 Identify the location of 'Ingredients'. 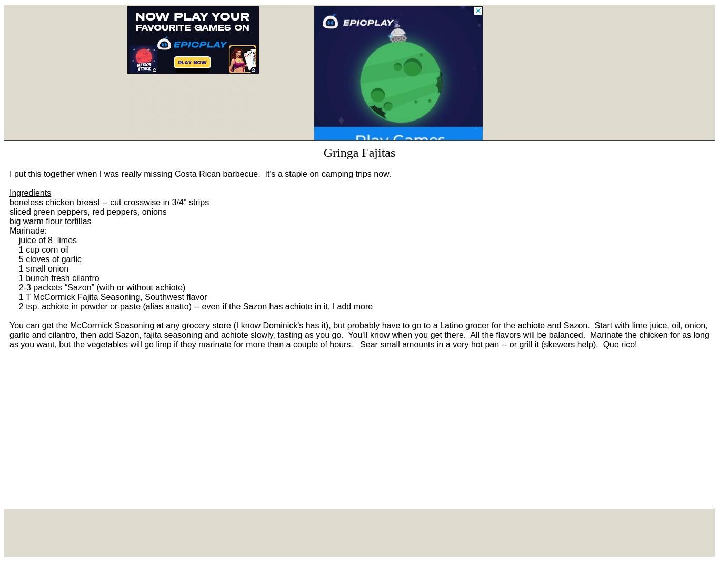
(30, 193).